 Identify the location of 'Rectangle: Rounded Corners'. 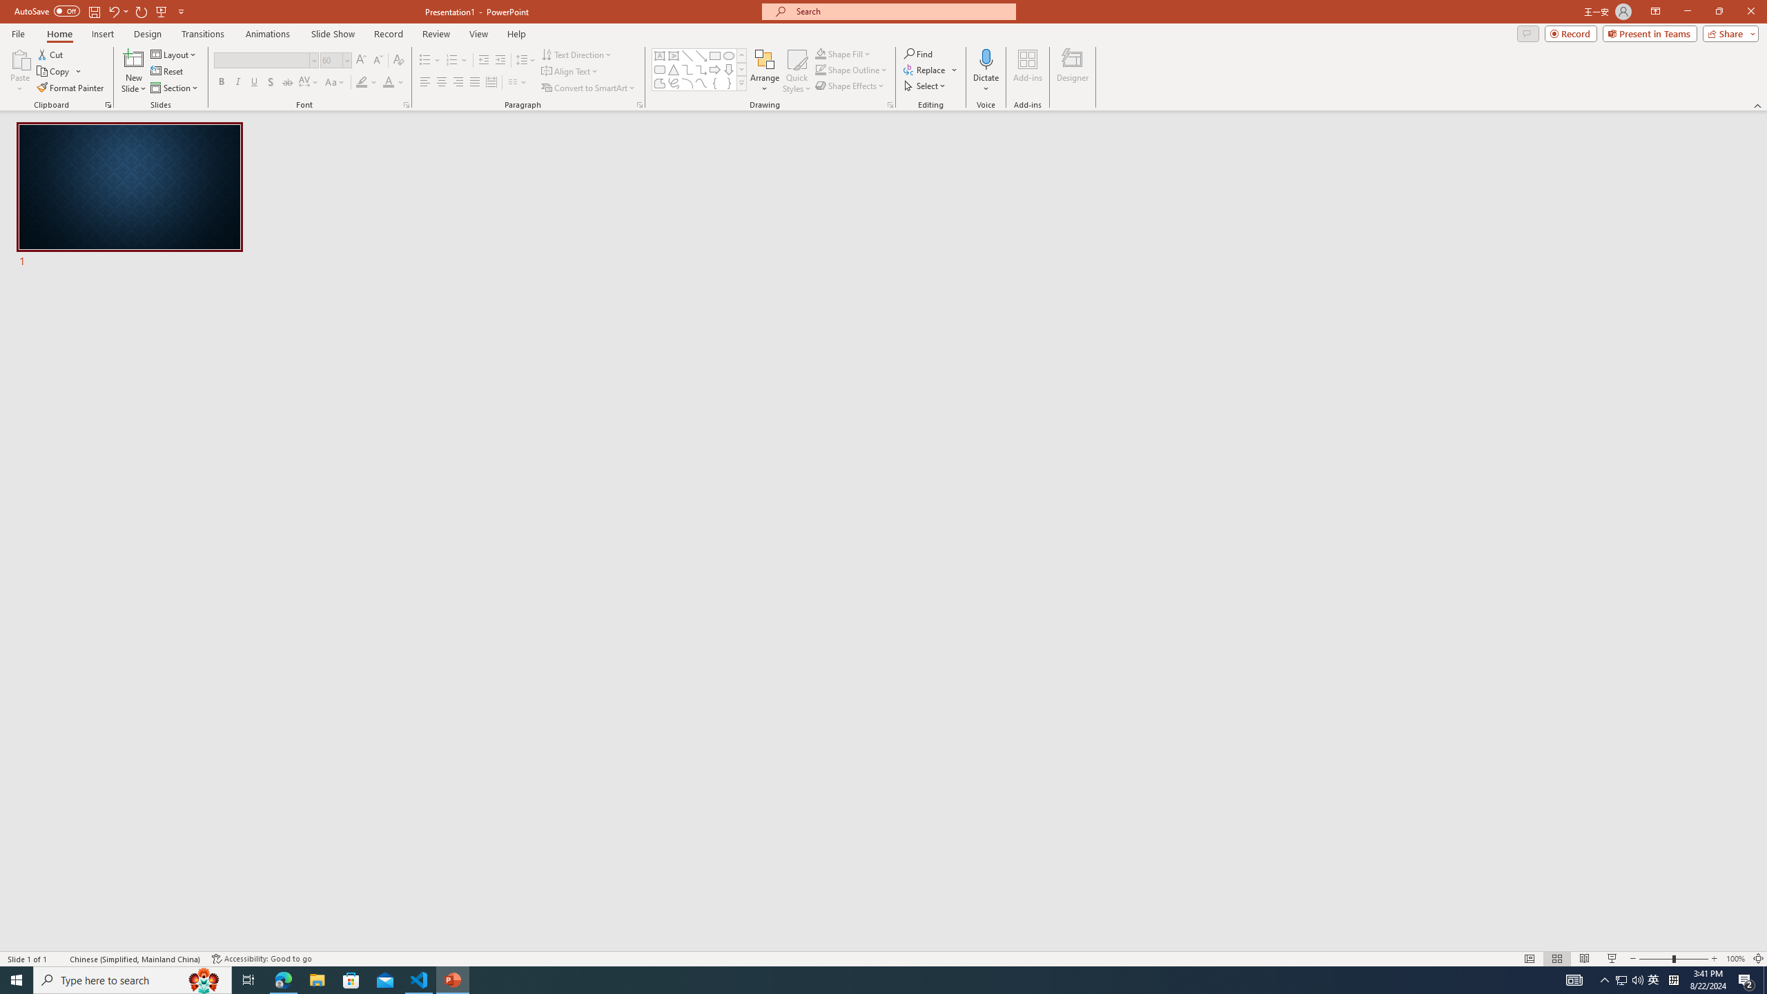
(659, 68).